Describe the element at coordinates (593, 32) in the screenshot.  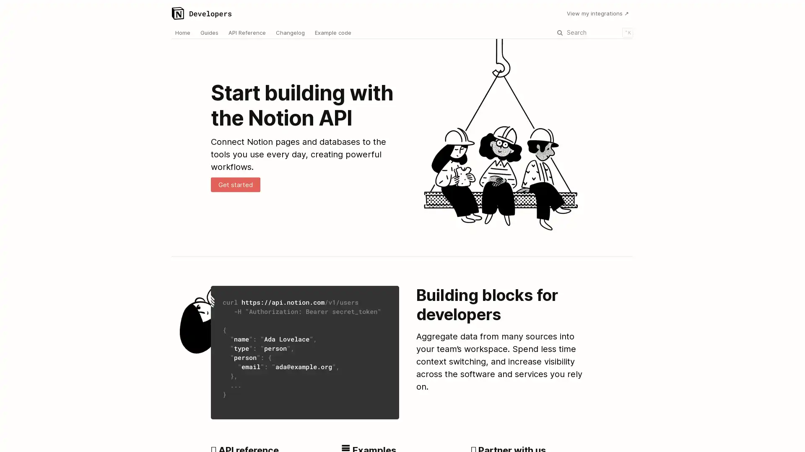
I see `Search K` at that location.